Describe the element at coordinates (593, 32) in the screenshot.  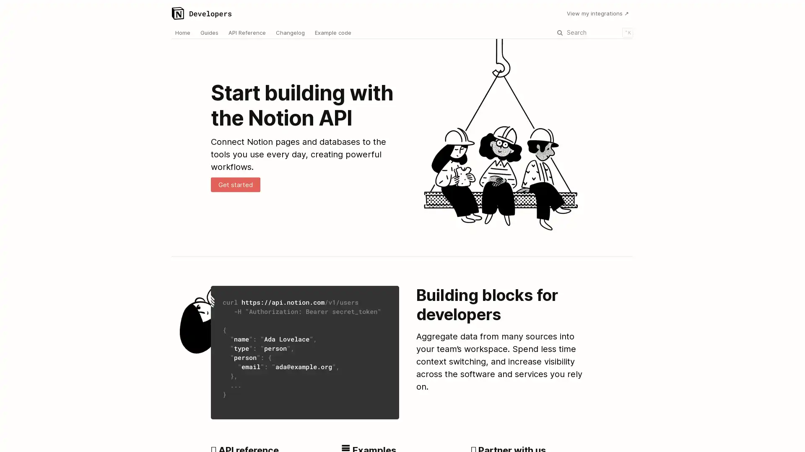
I see `Search K` at that location.